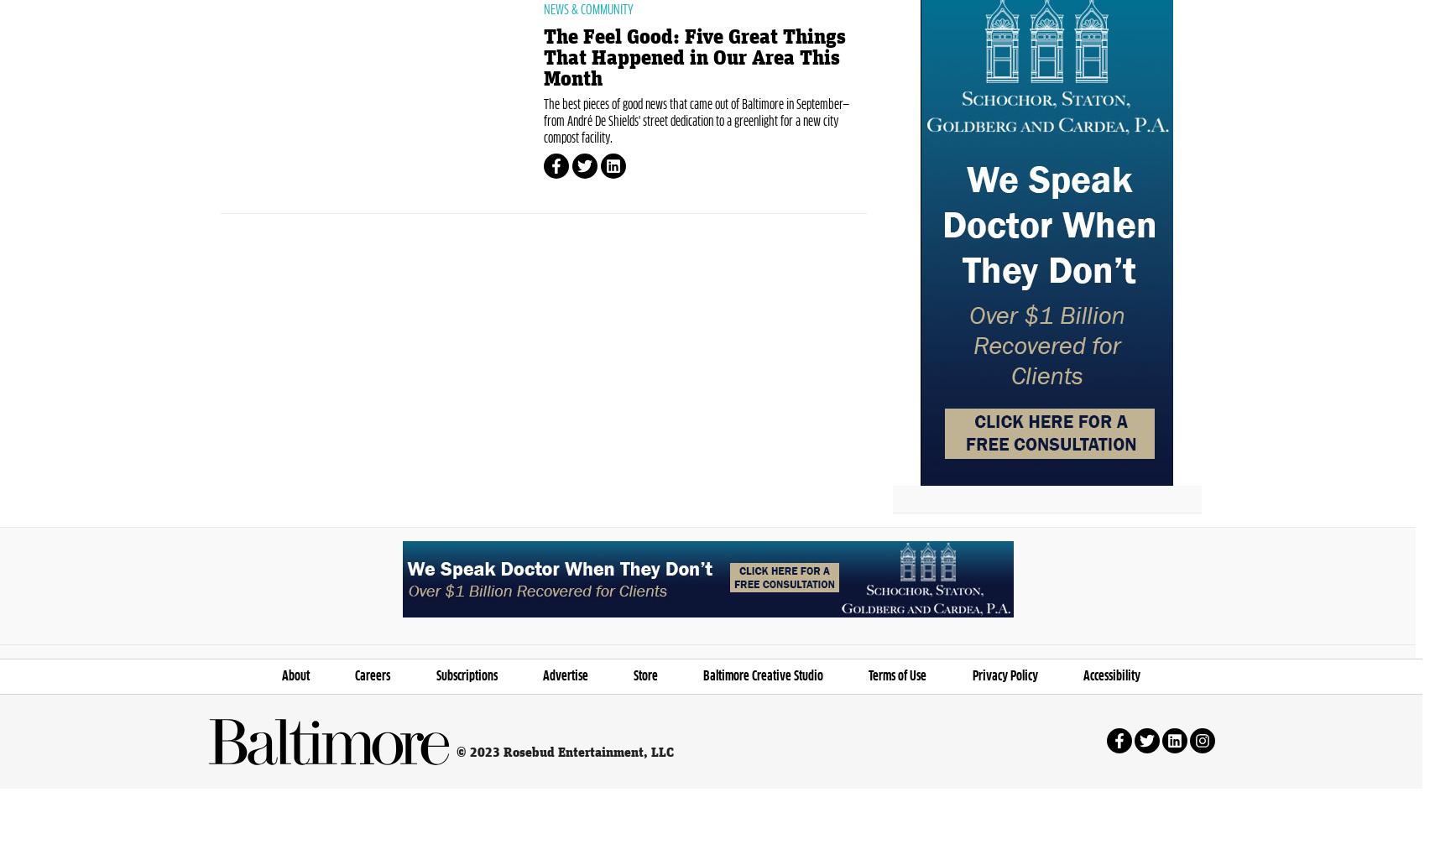 Image resolution: width=1435 pixels, height=865 pixels. I want to click on 'Subscriptions', so click(435, 754).